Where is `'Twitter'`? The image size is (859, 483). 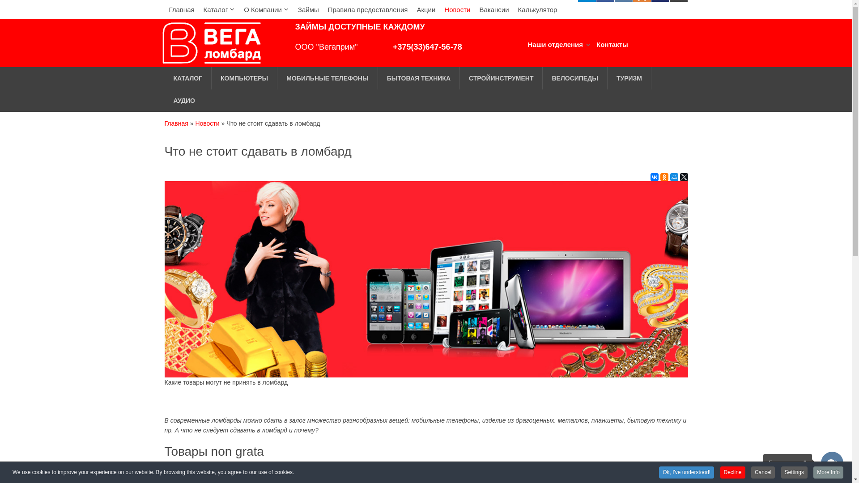 'Twitter' is located at coordinates (684, 177).